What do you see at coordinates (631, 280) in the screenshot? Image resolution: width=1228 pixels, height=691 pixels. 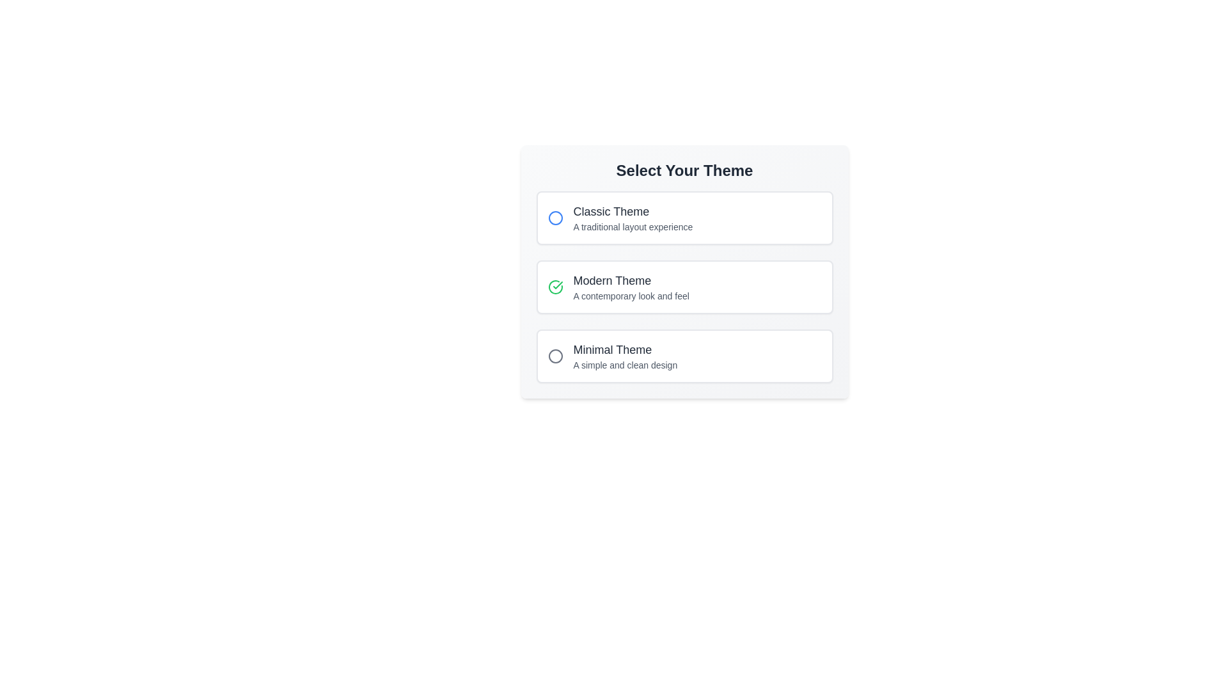 I see `the text label that serves as the title for the second theme option in the selection list titled 'Select Your Theme.'` at bounding box center [631, 280].